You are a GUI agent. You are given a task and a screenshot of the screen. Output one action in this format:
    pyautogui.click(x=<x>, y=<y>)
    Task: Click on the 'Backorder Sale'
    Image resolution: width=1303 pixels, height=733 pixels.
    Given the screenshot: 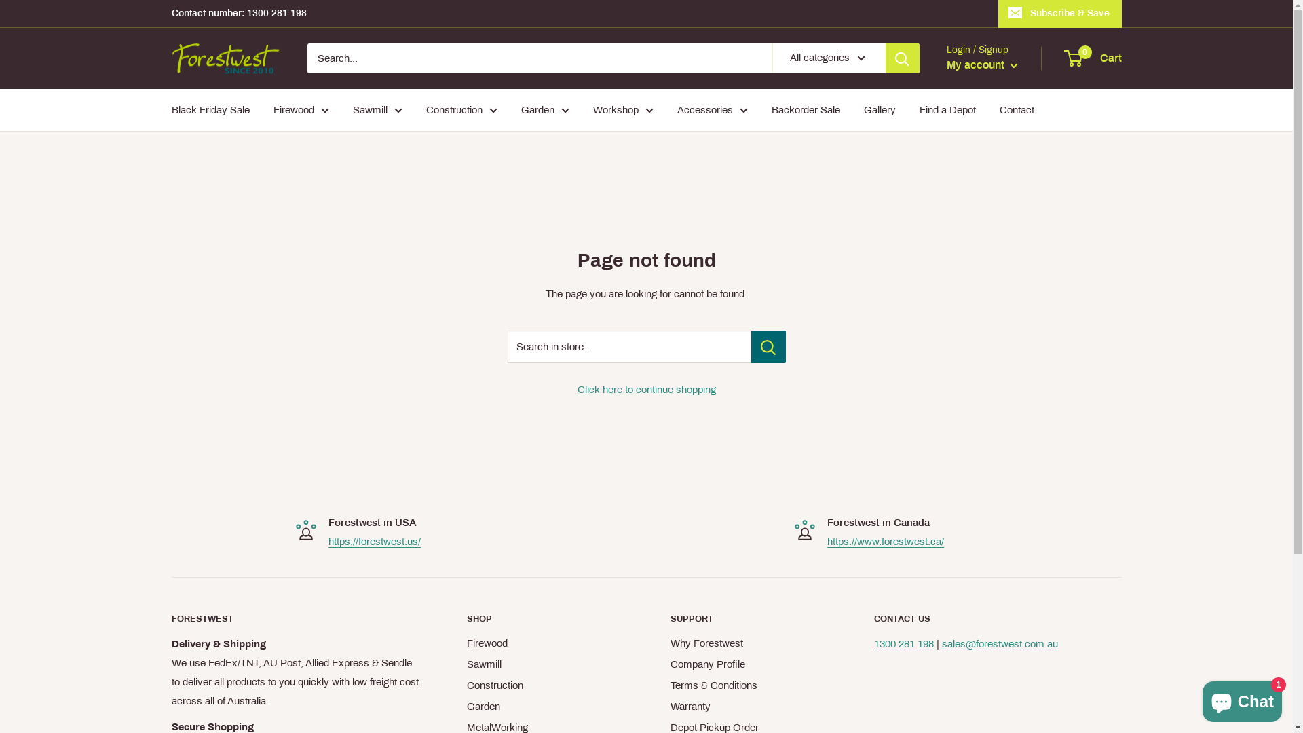 What is the action you would take?
    pyautogui.click(x=805, y=109)
    